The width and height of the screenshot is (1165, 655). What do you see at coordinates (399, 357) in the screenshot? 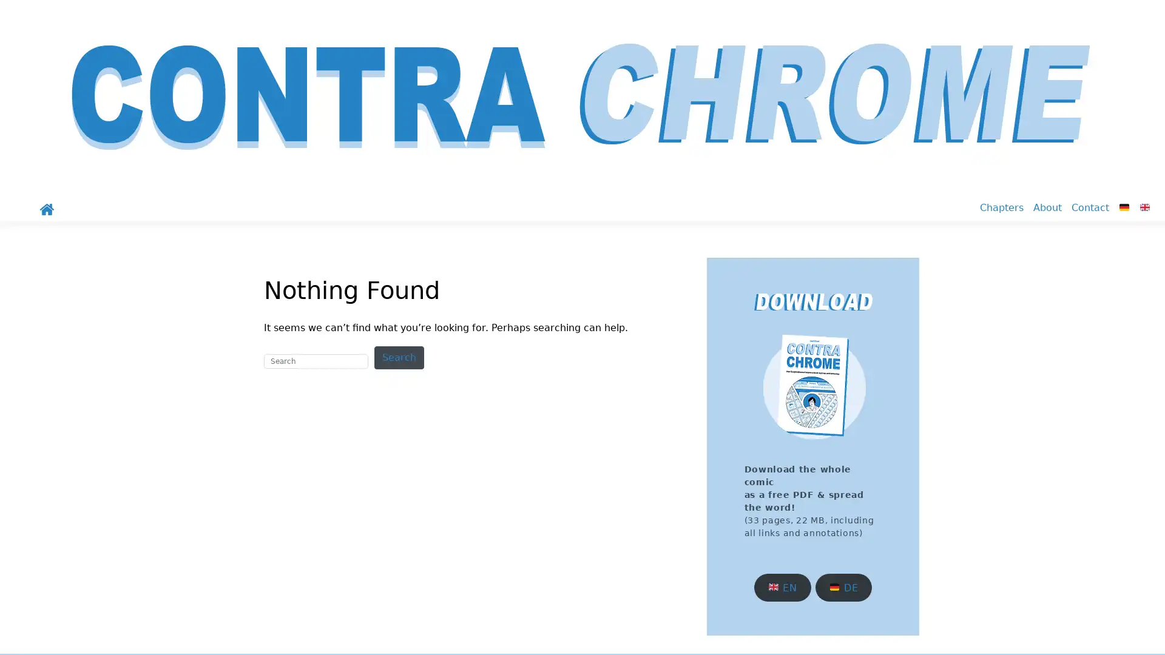
I see `Search` at bounding box center [399, 357].